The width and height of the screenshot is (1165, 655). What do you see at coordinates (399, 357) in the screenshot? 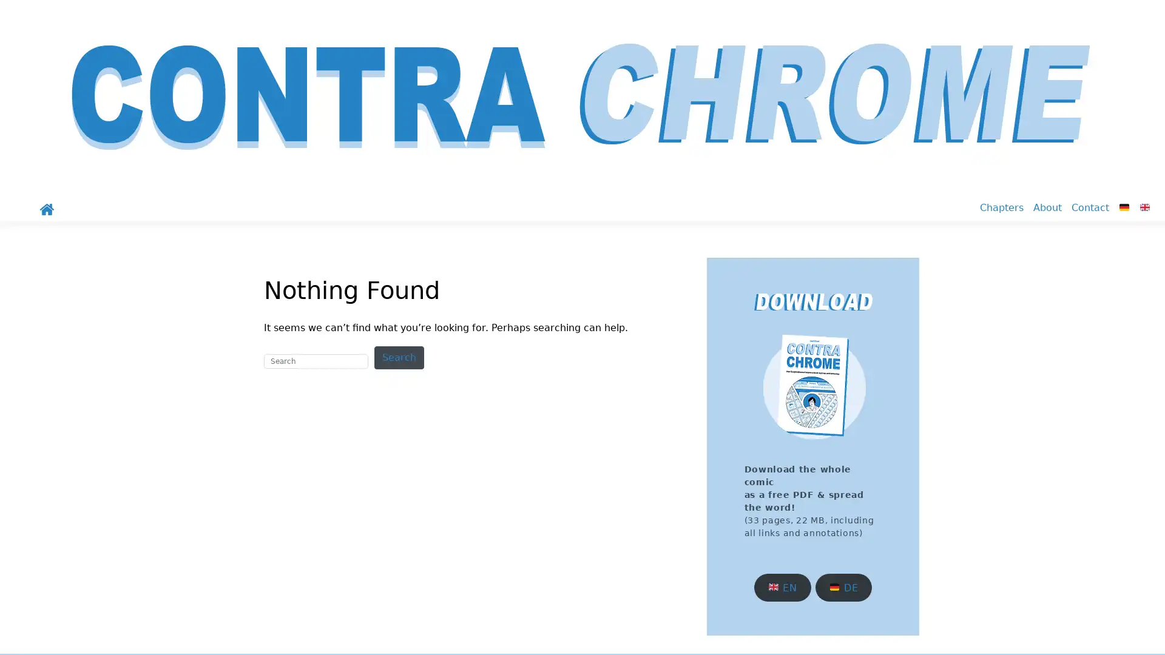
I see `Search` at bounding box center [399, 357].